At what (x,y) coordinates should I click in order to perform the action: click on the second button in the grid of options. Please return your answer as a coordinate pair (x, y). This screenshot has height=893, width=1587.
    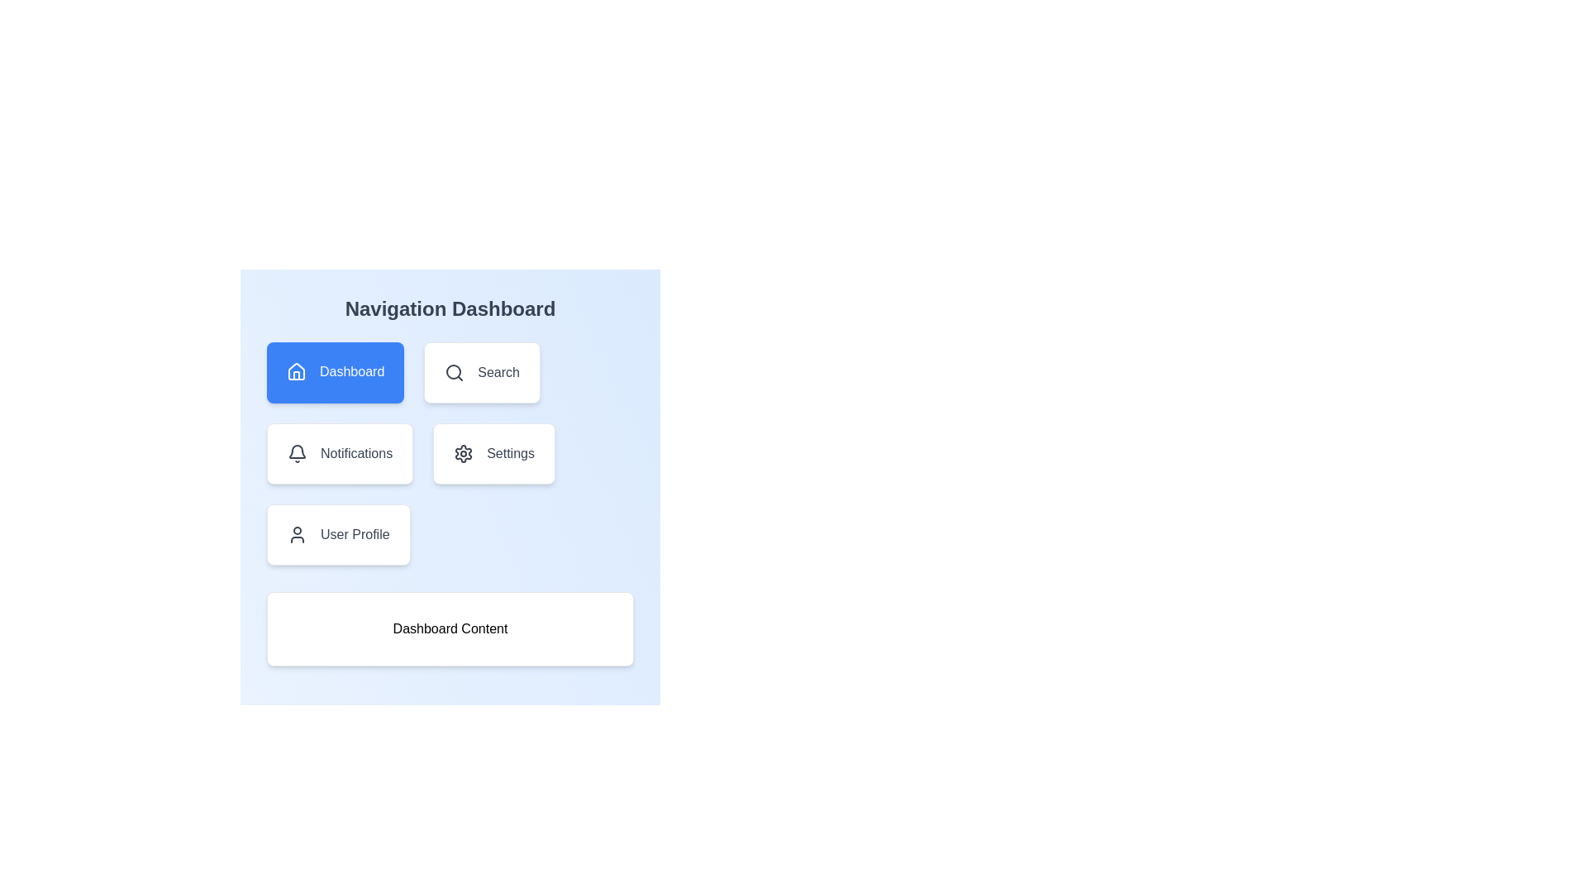
    Looking at the image, I should click on (481, 373).